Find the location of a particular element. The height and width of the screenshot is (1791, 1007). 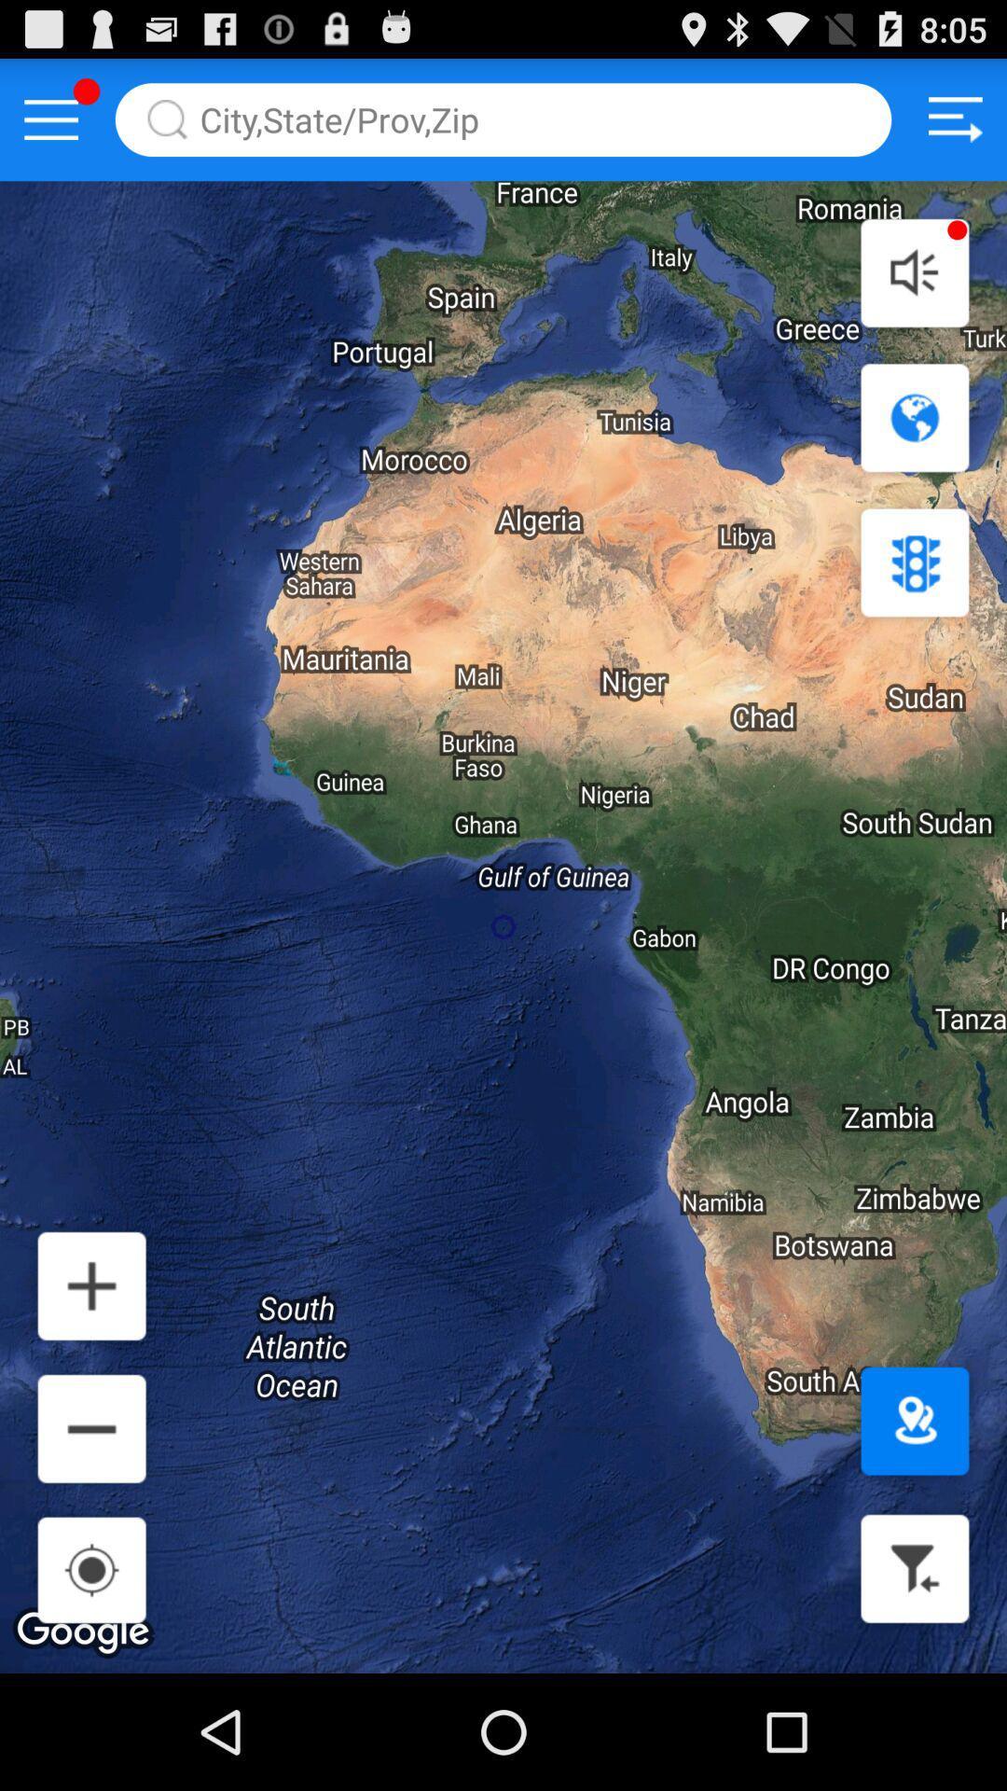

zoom off is located at coordinates (91, 1427).